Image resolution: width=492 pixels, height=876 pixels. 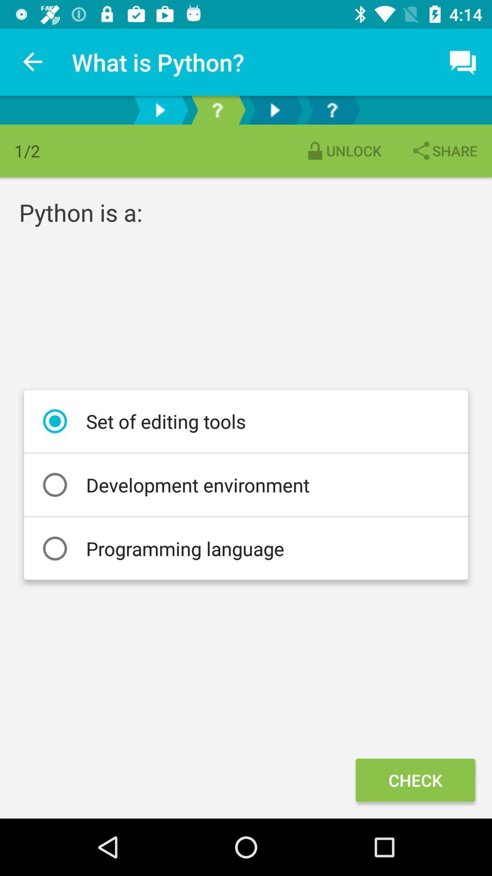 I want to click on the unlock, so click(x=343, y=151).